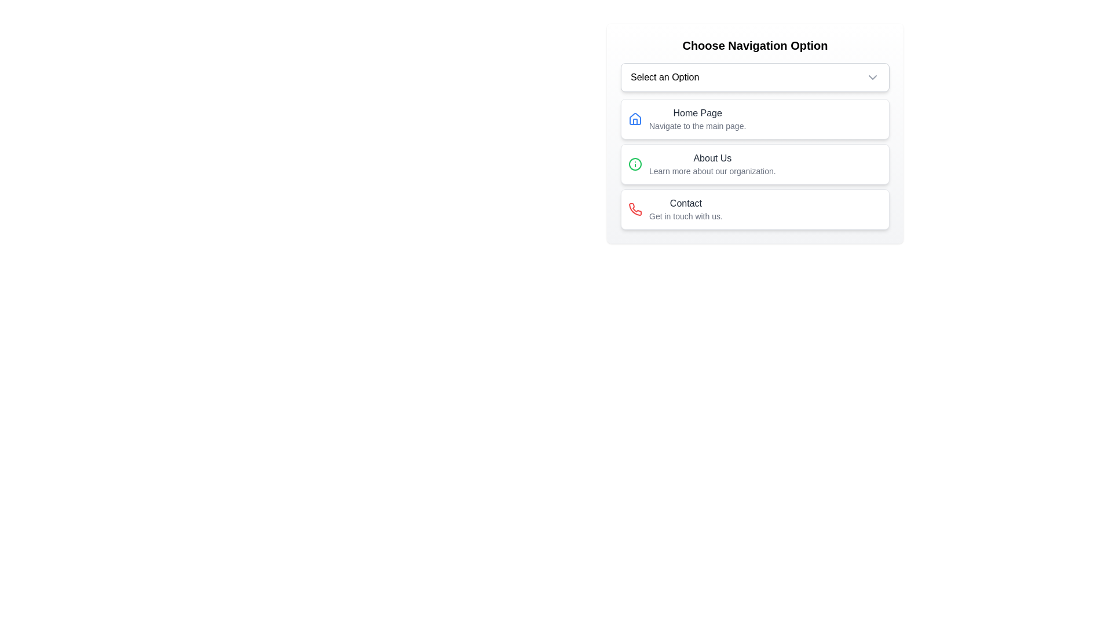  What do you see at coordinates (755, 164) in the screenshot?
I see `the 'About Us' button, which is a rectangular button with a white background, rounded corners, and contains the title 'About Us' and subtitle 'Learn more about our organization.' positioned under the navigation title 'Choose Navigation Option.'` at bounding box center [755, 164].